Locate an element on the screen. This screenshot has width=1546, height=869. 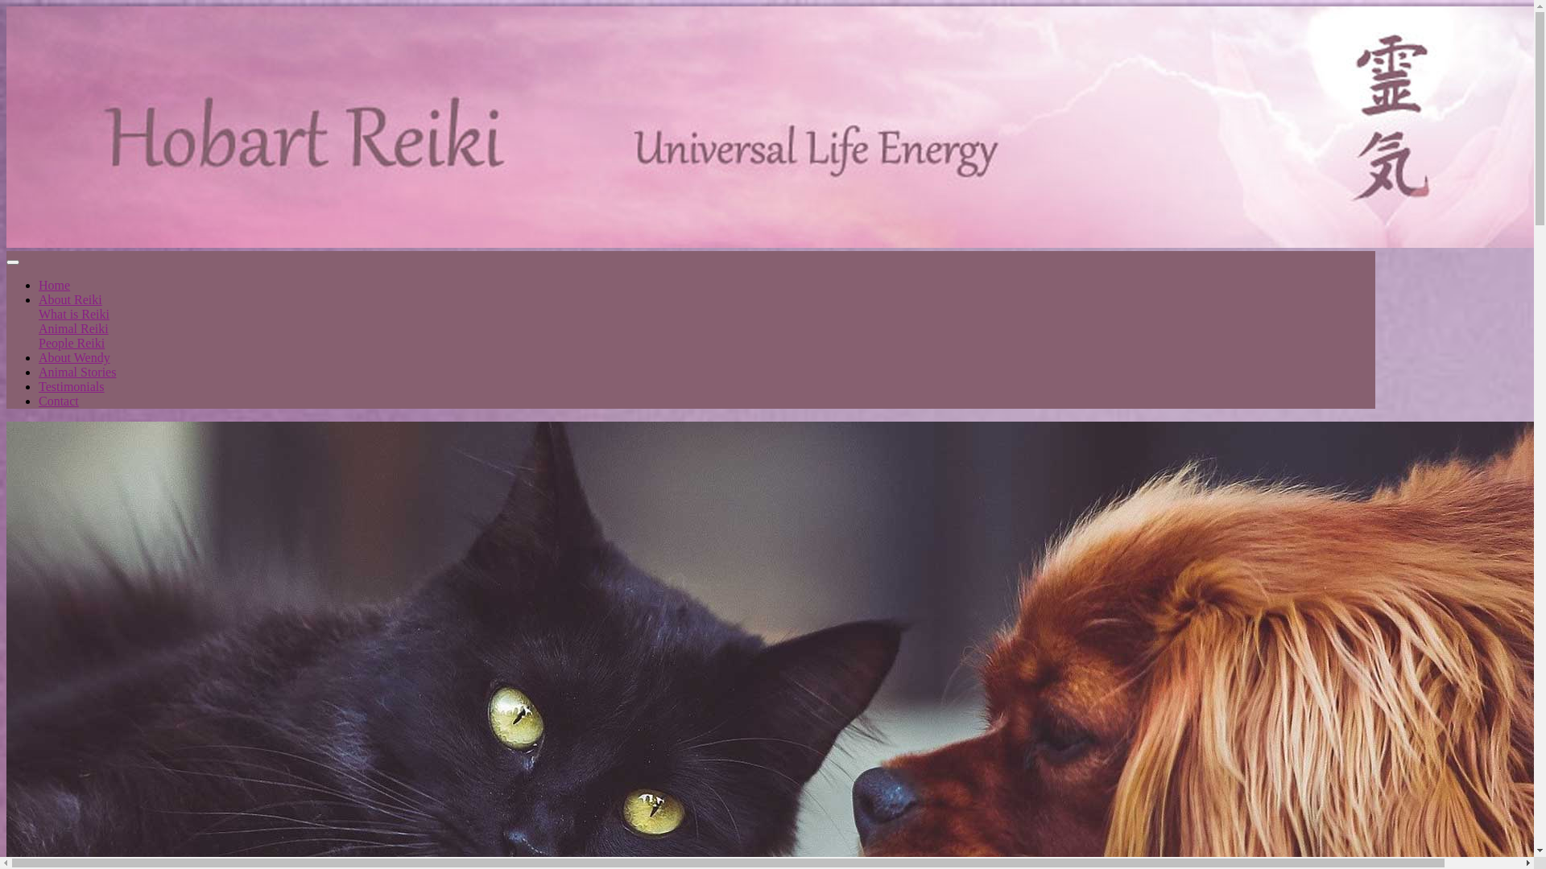
'Home' is located at coordinates (39, 284).